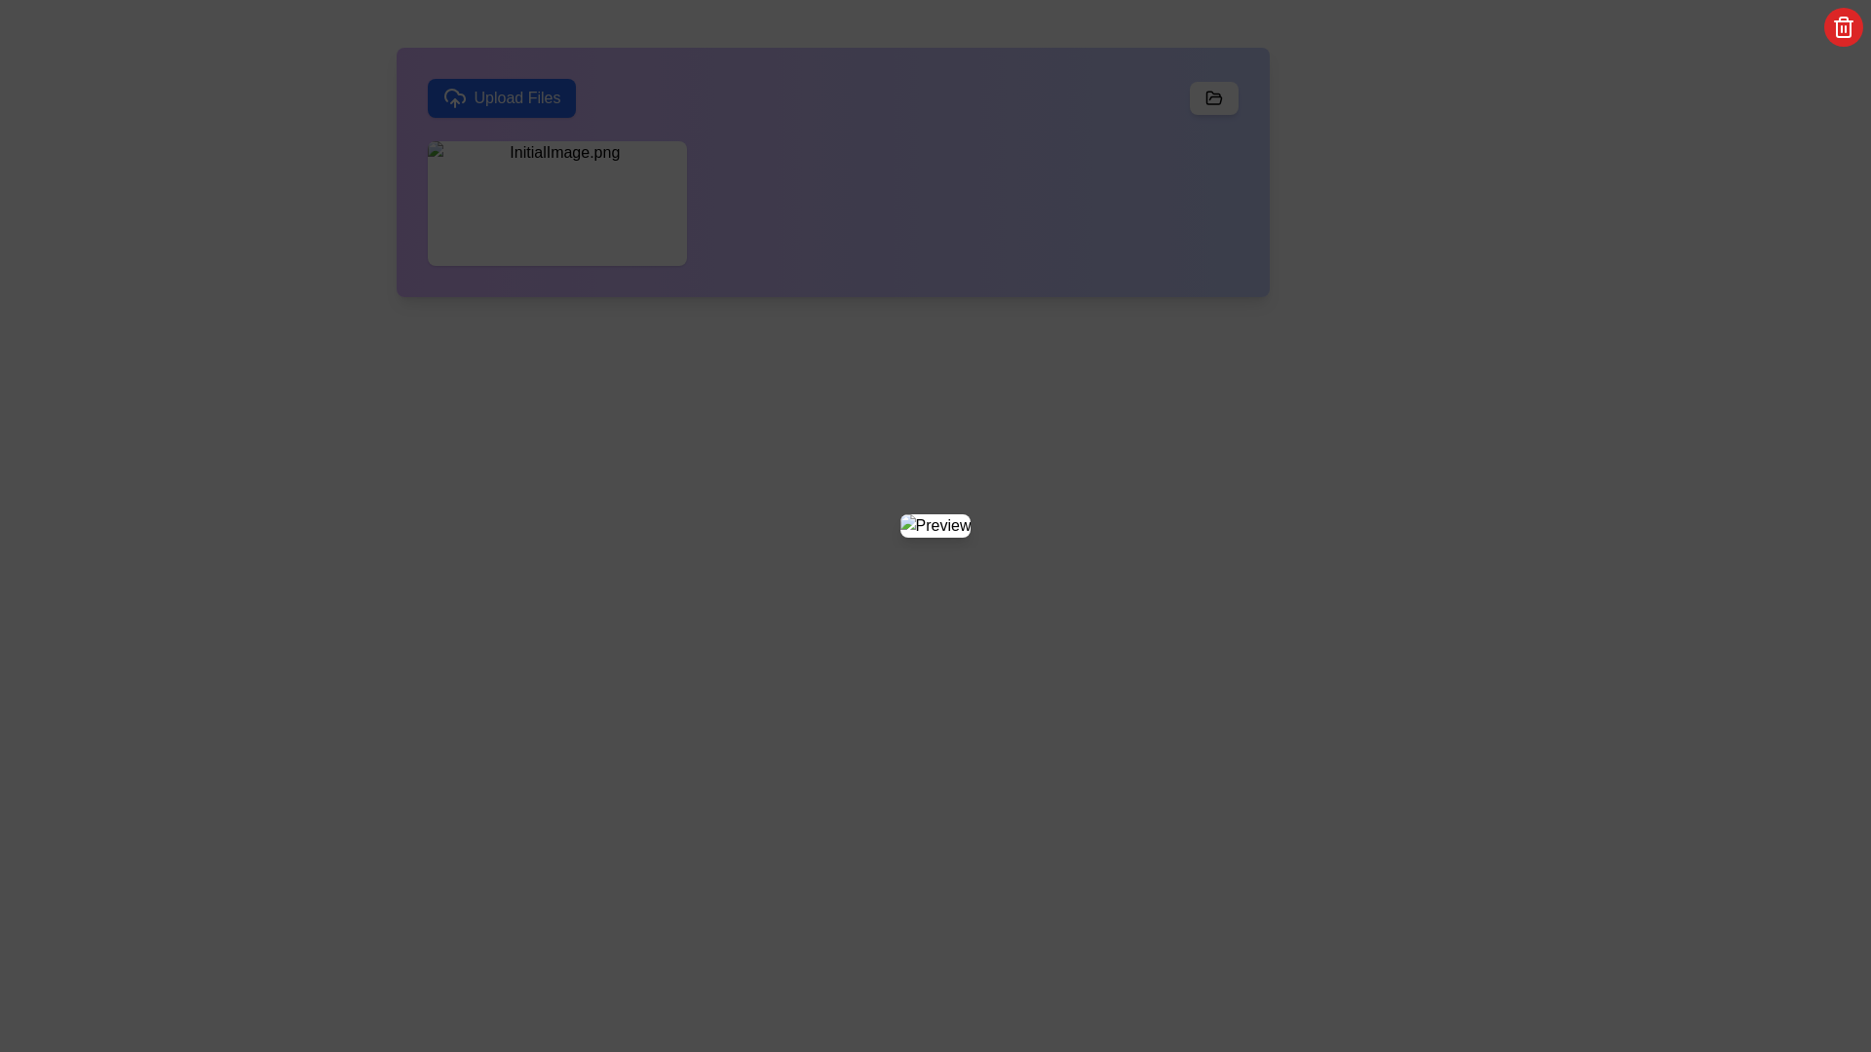 The width and height of the screenshot is (1871, 1052). Describe the element at coordinates (453, 97) in the screenshot. I see `the cloud upload icon, which is a minimalistic outline with an upward arrow, located to the left of the 'Upload Files' button` at that location.